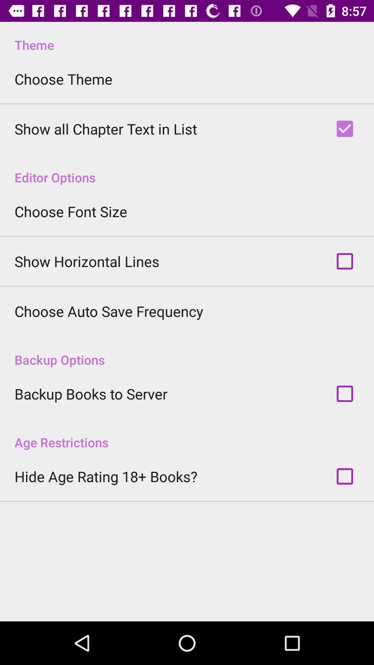 This screenshot has height=665, width=374. What do you see at coordinates (106, 129) in the screenshot?
I see `the app above editor options item` at bounding box center [106, 129].